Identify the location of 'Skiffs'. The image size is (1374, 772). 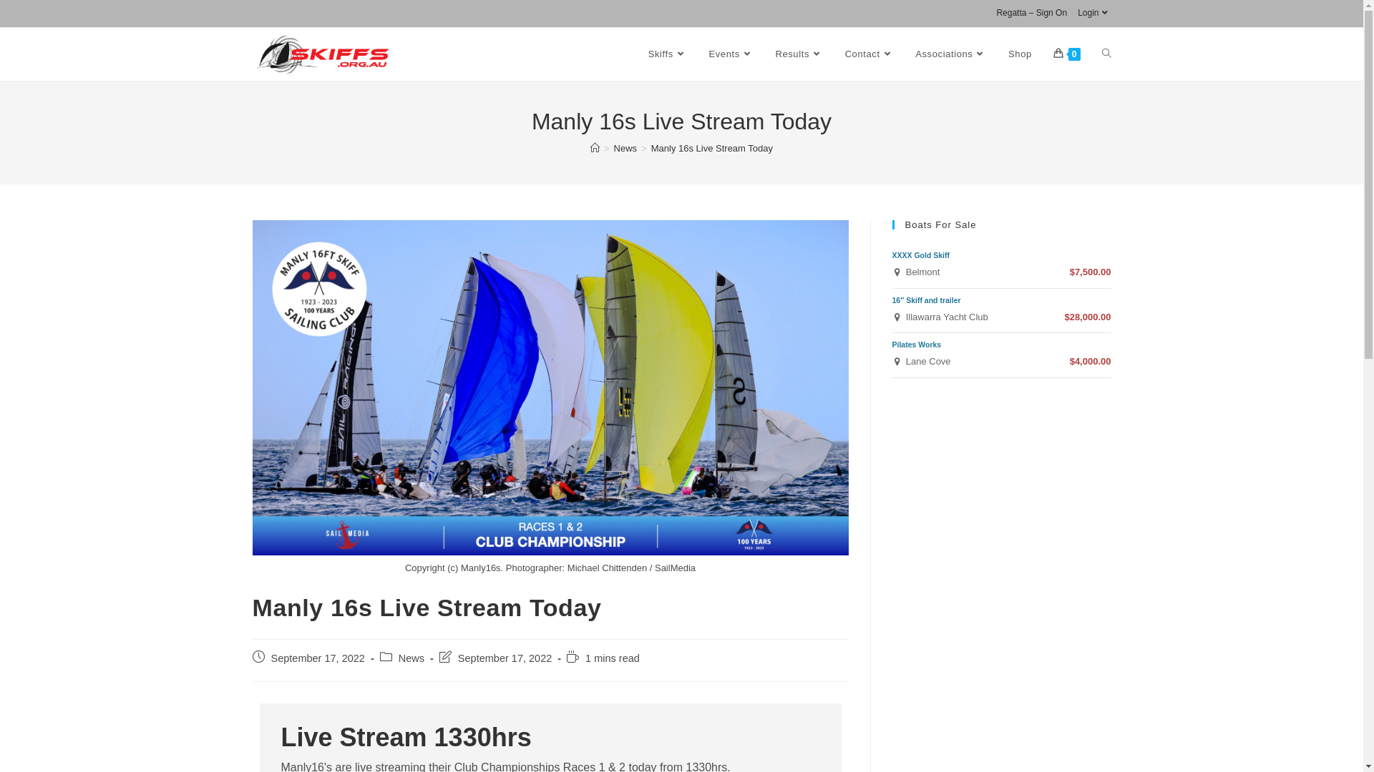
(667, 54).